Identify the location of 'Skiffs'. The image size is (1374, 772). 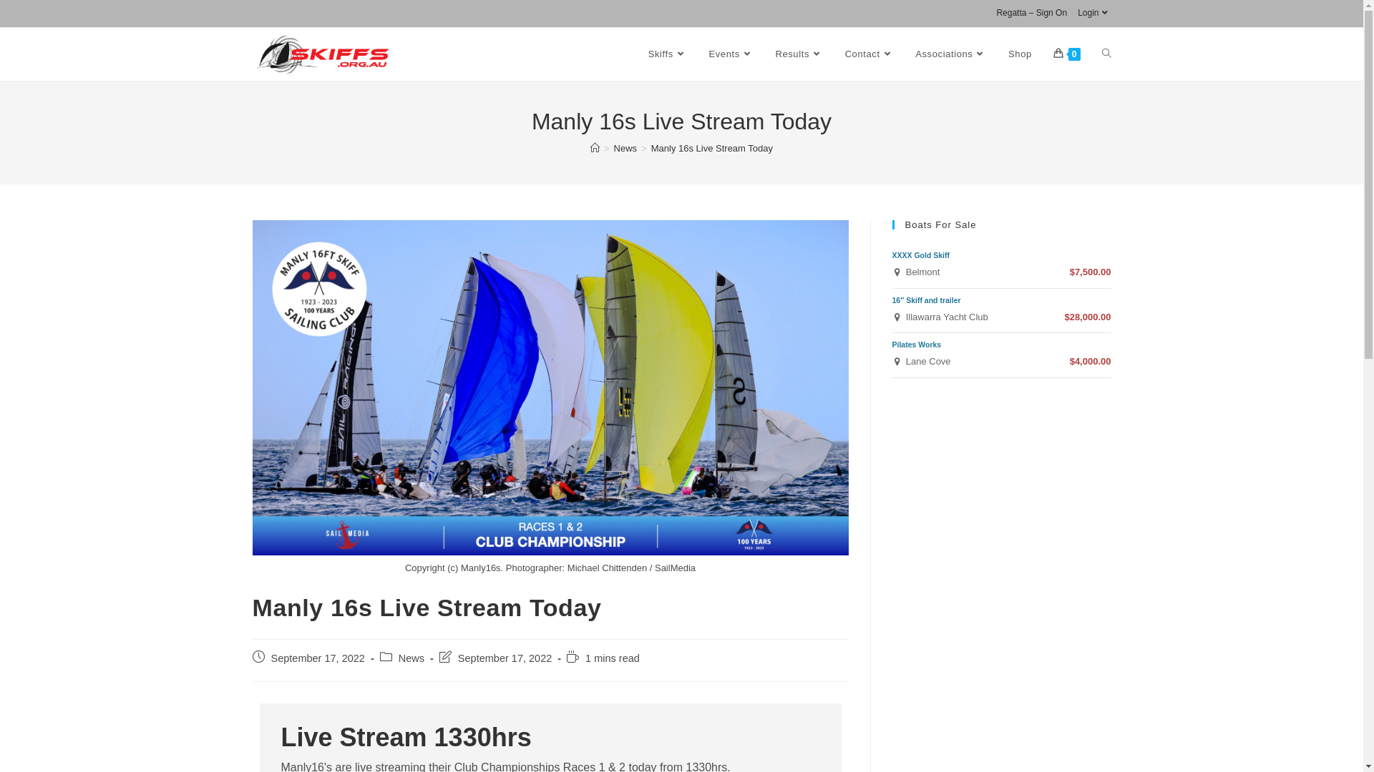
(667, 54).